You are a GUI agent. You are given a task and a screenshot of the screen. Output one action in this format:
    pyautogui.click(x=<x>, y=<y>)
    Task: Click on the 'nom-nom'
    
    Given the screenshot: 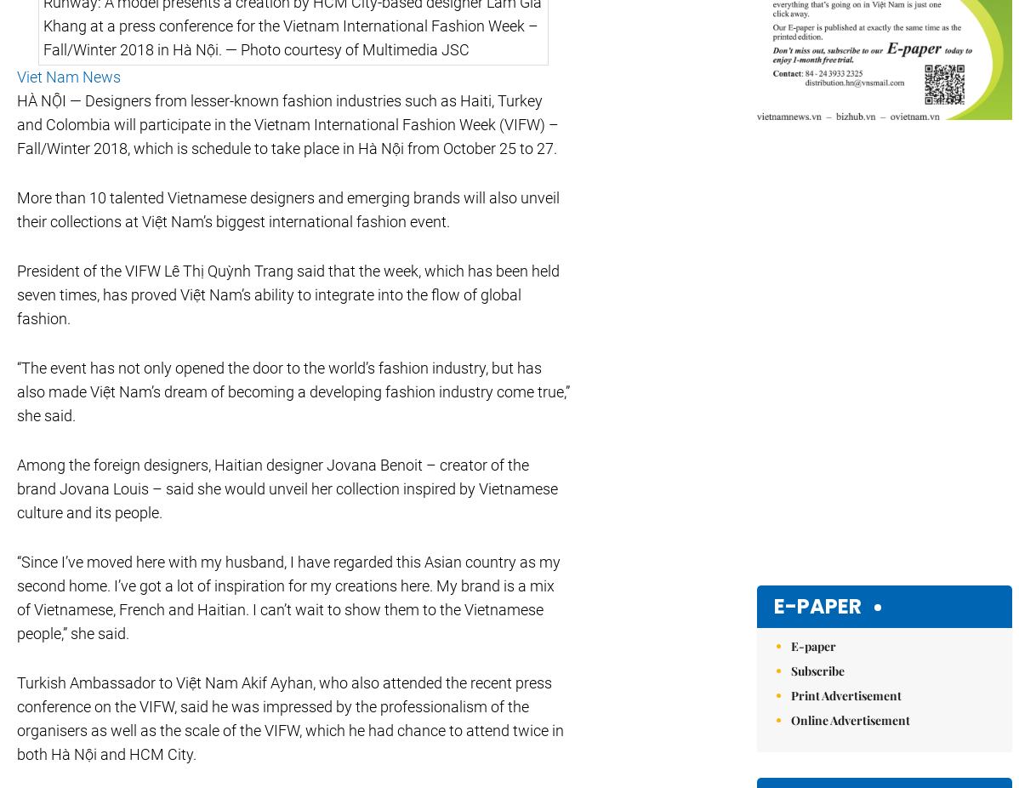 What is the action you would take?
    pyautogui.click(x=543, y=456)
    